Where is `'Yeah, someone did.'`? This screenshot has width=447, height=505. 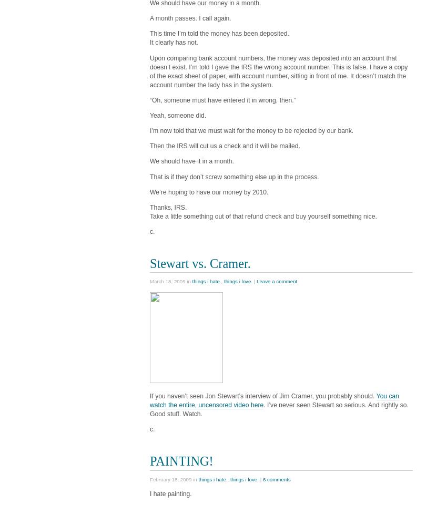 'Yeah, someone did.' is located at coordinates (178, 115).